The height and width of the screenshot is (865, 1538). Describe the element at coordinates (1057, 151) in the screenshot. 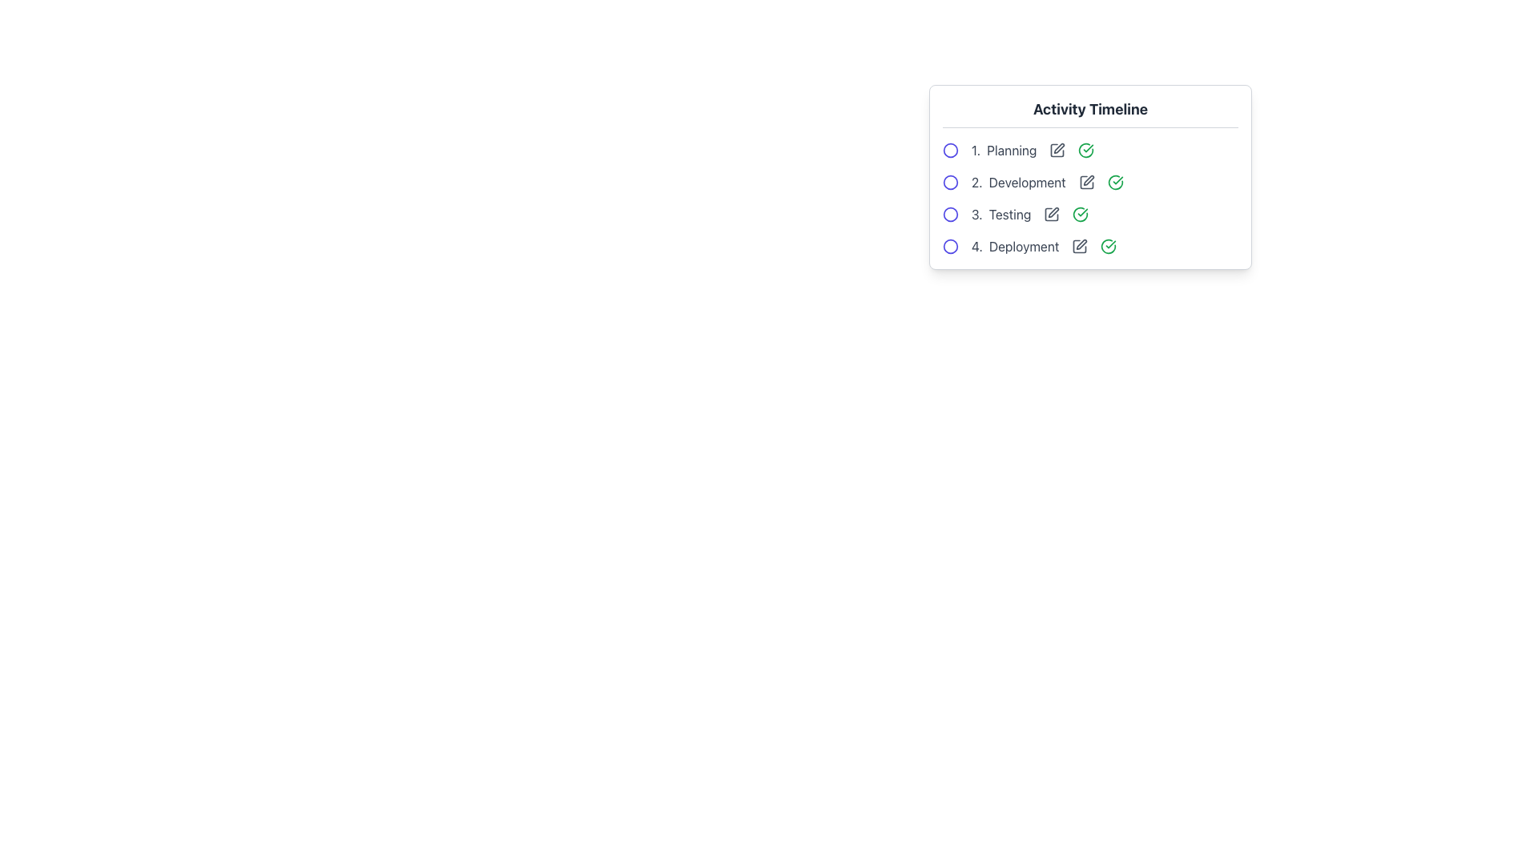

I see `the pen icon next to the text '1. Planning' in the 'Activity Timeline' table to visualize the hover effects` at that location.